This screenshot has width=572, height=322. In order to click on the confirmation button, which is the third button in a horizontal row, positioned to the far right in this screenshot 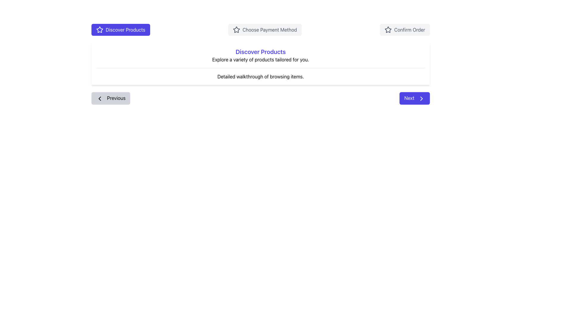, I will do `click(405, 30)`.